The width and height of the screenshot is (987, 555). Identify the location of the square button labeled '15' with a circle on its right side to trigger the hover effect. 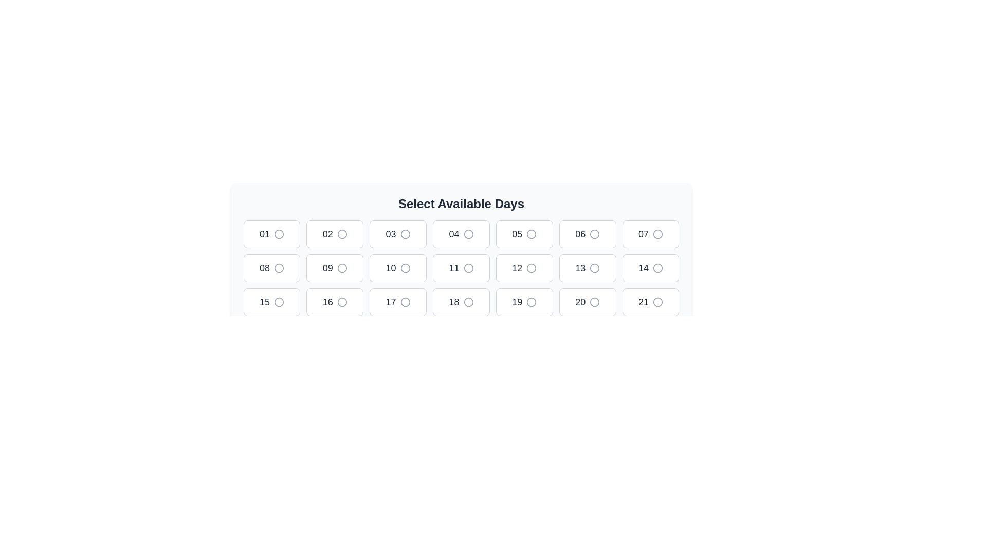
(271, 301).